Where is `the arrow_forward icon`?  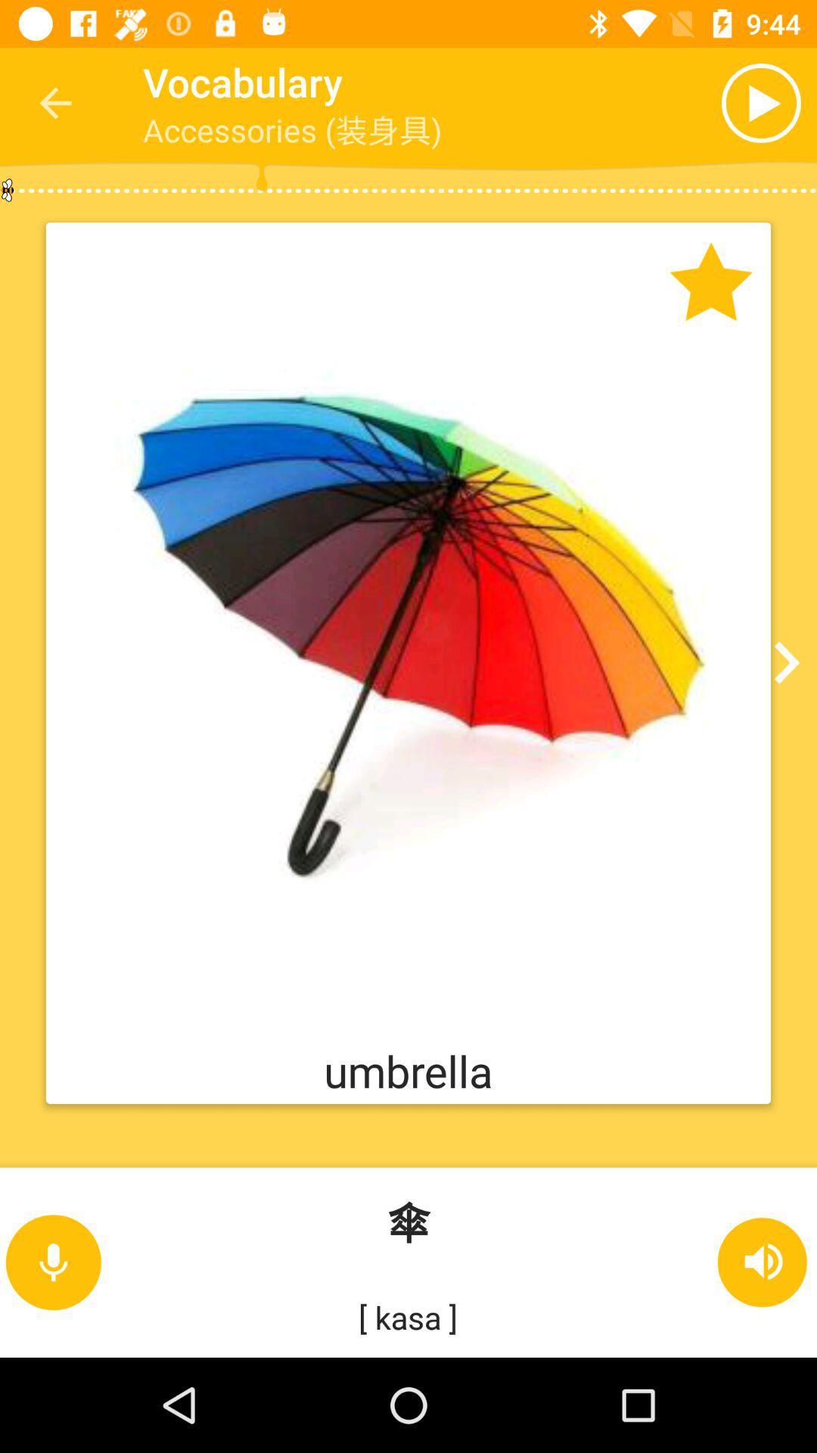
the arrow_forward icon is located at coordinates (781, 663).